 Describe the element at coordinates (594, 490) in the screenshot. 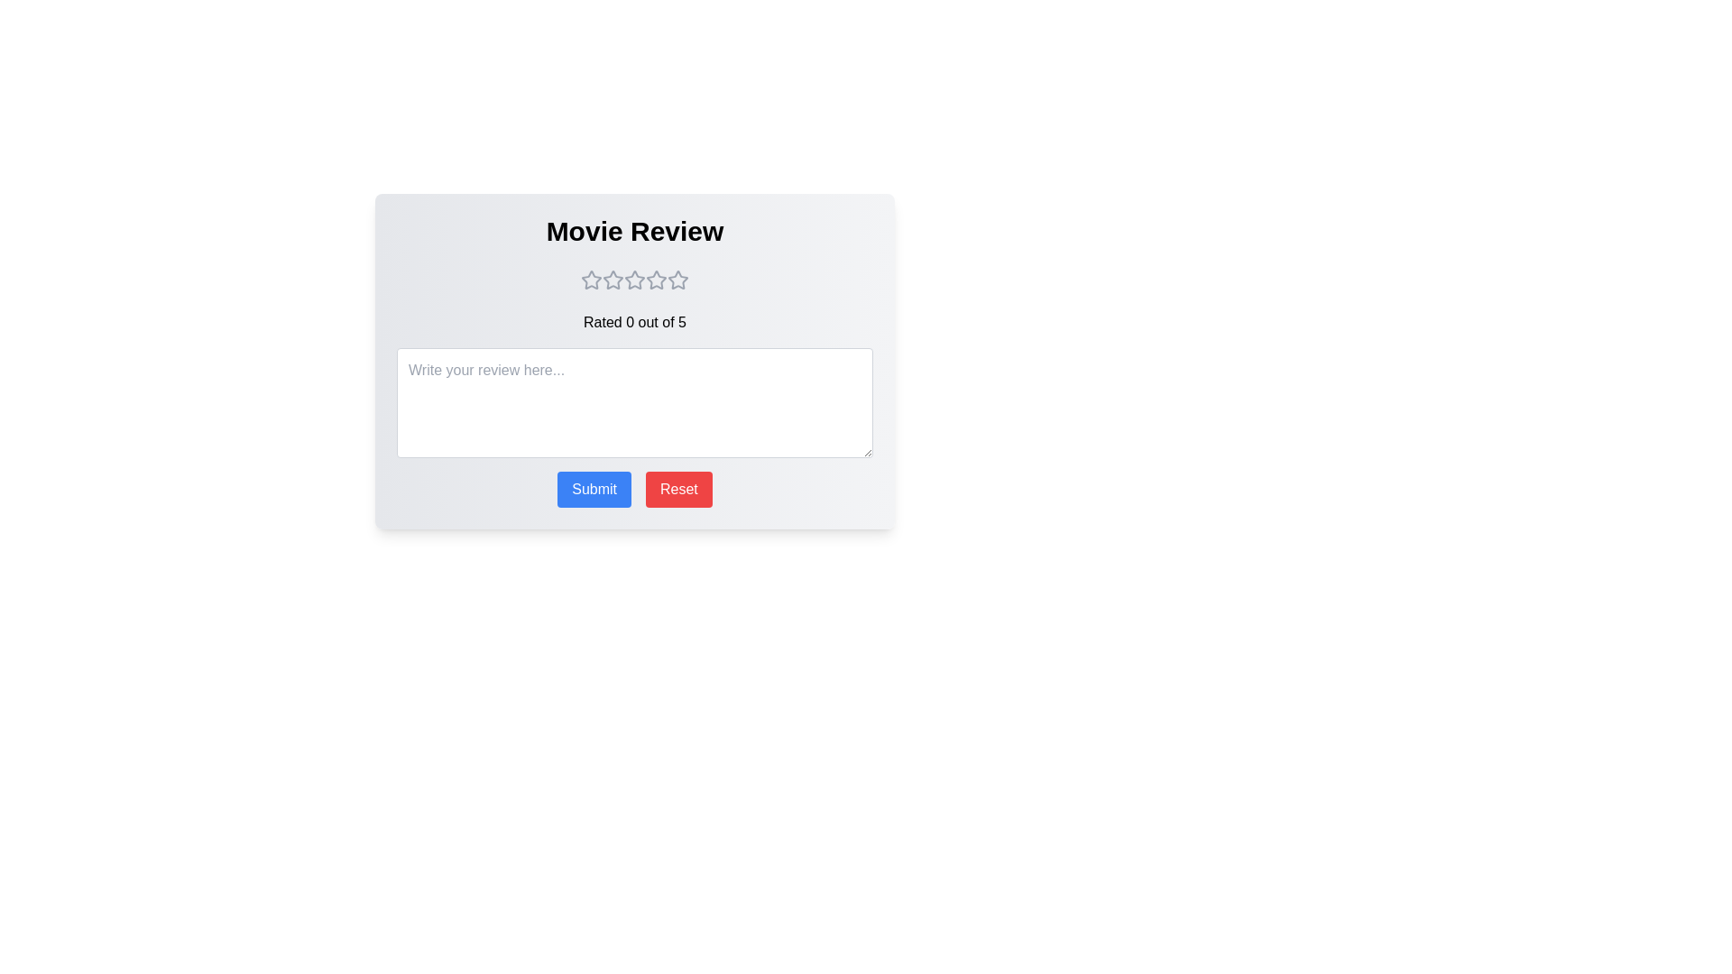

I see `Submit button to submit the review and rating` at that location.